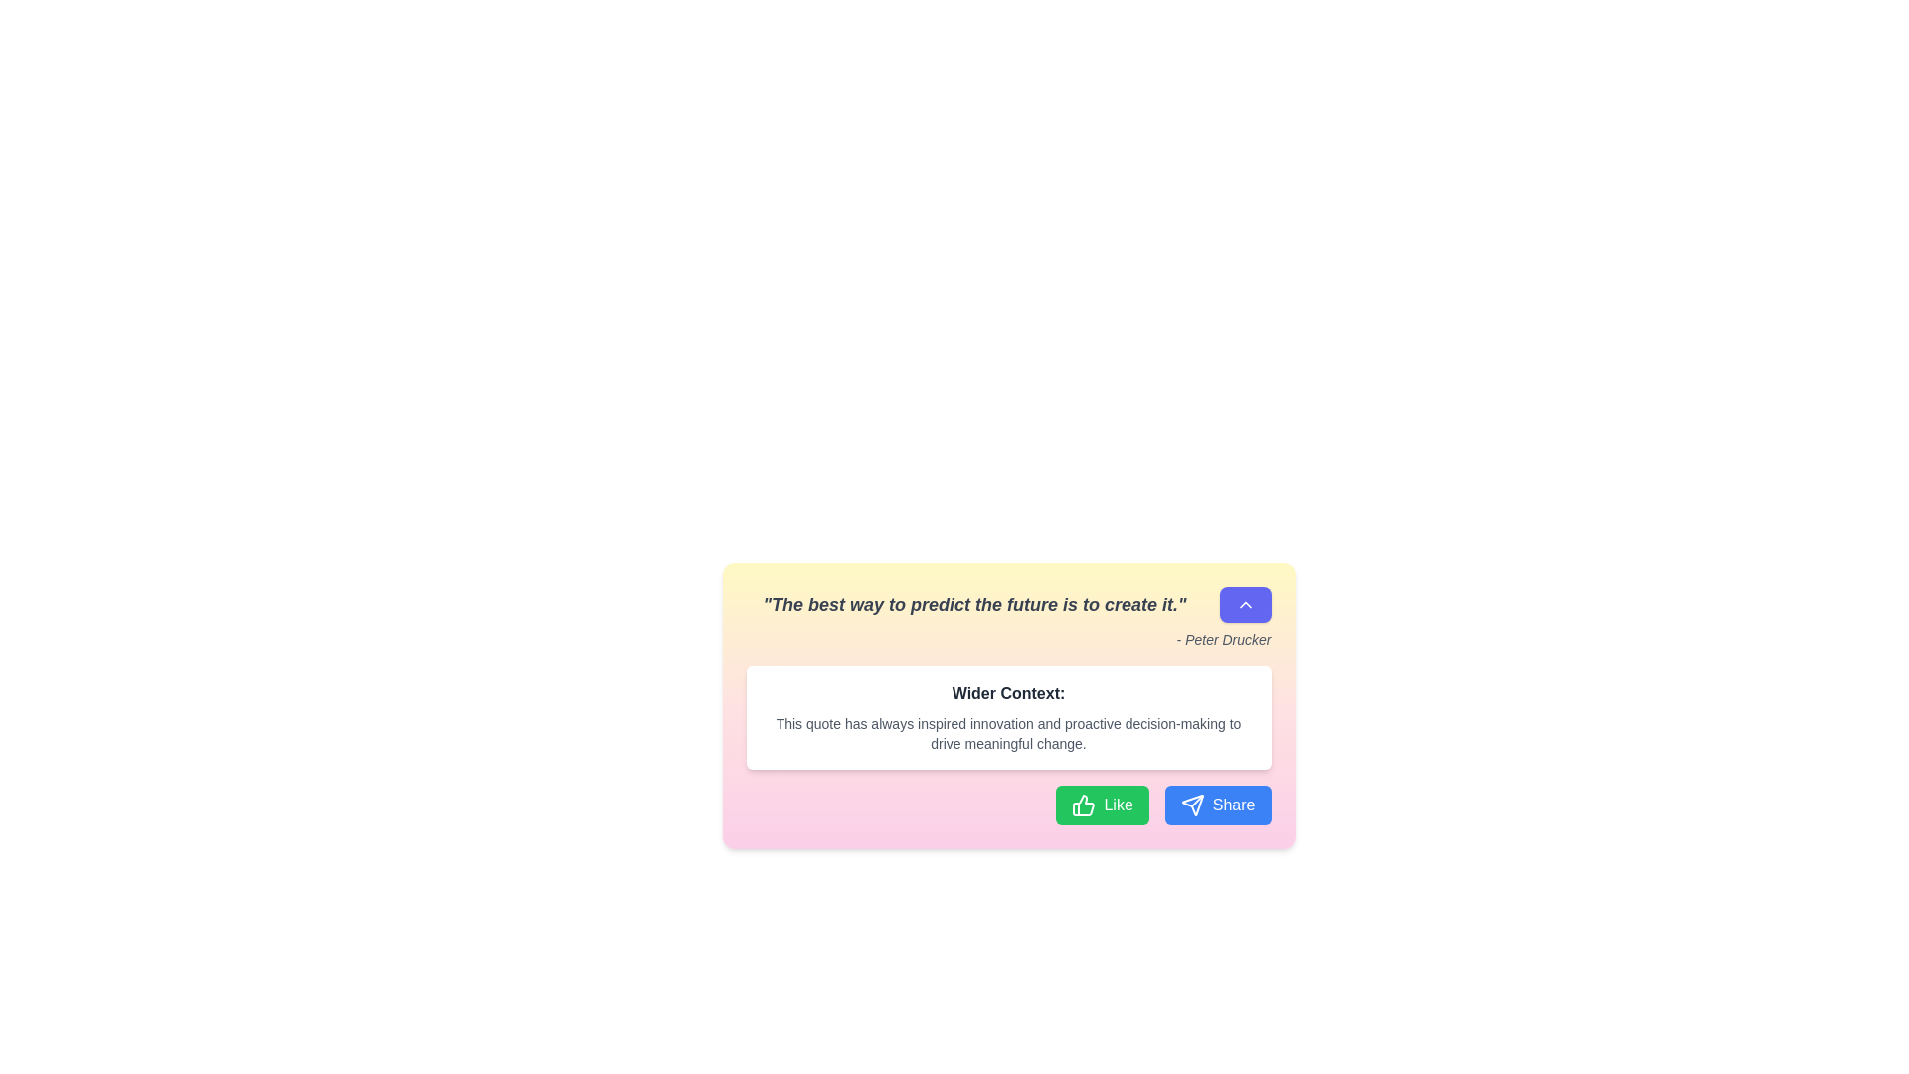 This screenshot has width=1909, height=1074. What do you see at coordinates (1244, 604) in the screenshot?
I see `the upward navigation button located to the far right of the quote attribution text` at bounding box center [1244, 604].